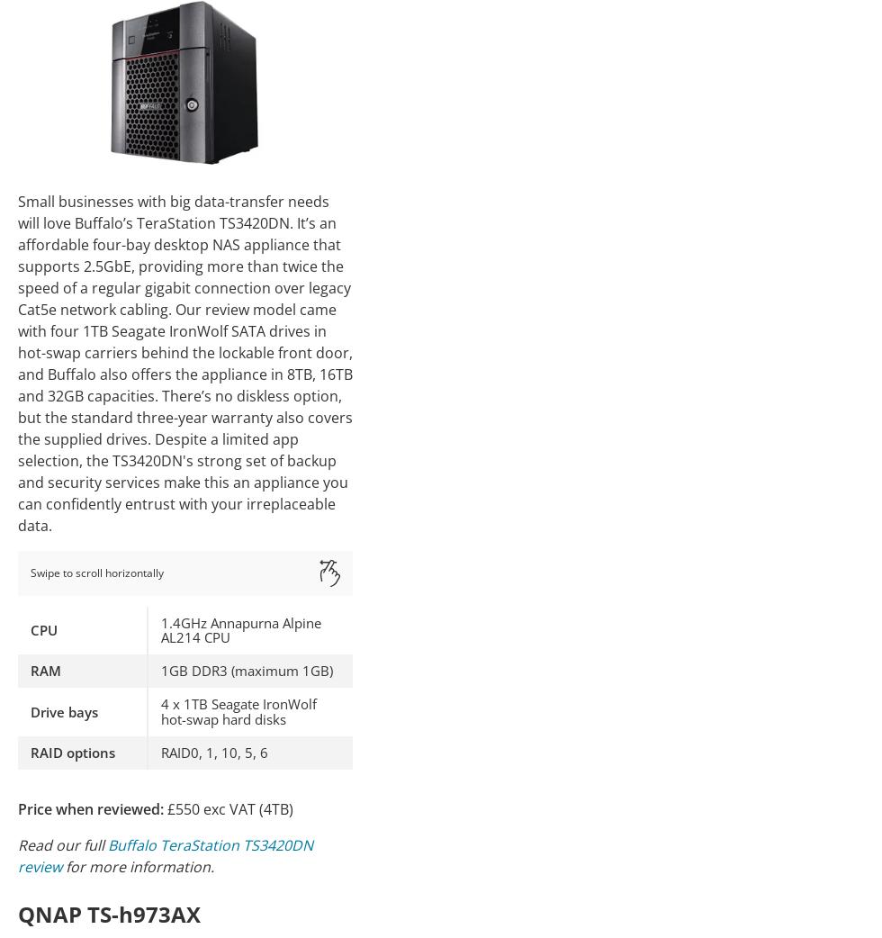 The height and width of the screenshot is (938, 882). Describe the element at coordinates (214, 751) in the screenshot. I see `'RAID0, 1, 10, 5, 6'` at that location.